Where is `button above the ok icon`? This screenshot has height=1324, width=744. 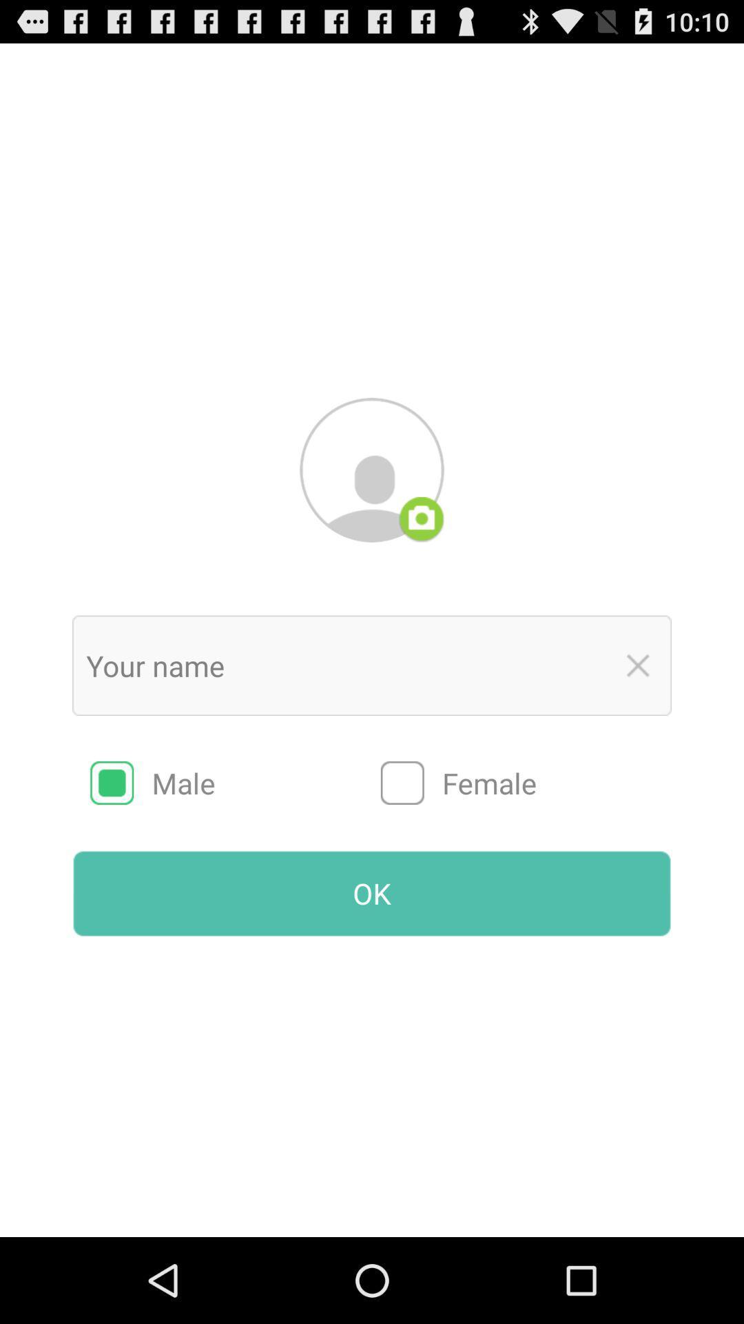
button above the ok icon is located at coordinates (235, 783).